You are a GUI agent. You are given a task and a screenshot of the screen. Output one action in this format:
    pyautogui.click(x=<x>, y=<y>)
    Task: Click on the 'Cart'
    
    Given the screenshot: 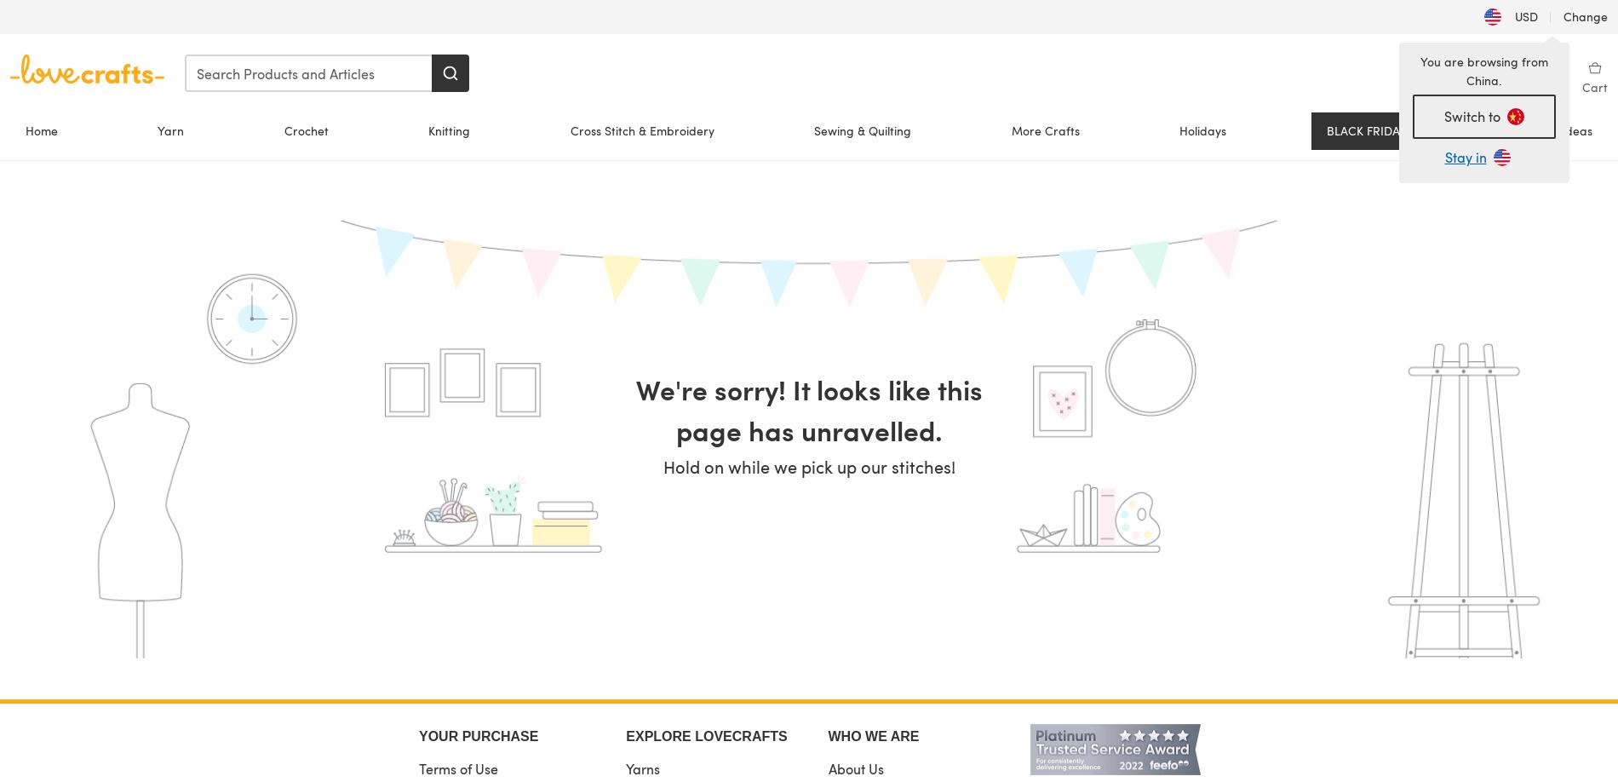 What is the action you would take?
    pyautogui.click(x=1581, y=86)
    